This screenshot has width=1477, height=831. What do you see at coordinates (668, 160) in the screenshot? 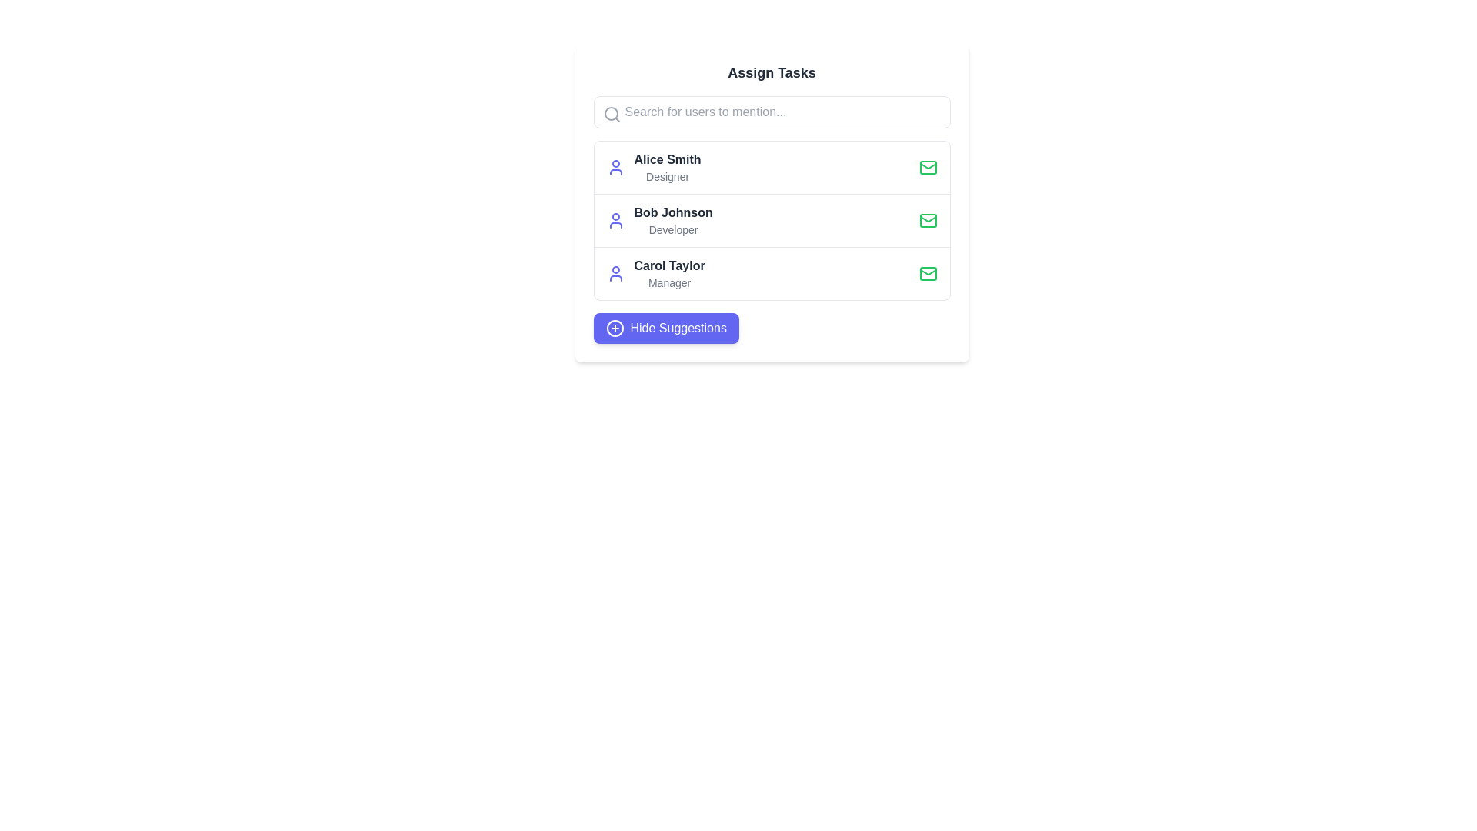
I see `the static text label displaying the name 'Alice Smith' in the first row of the user list` at bounding box center [668, 160].